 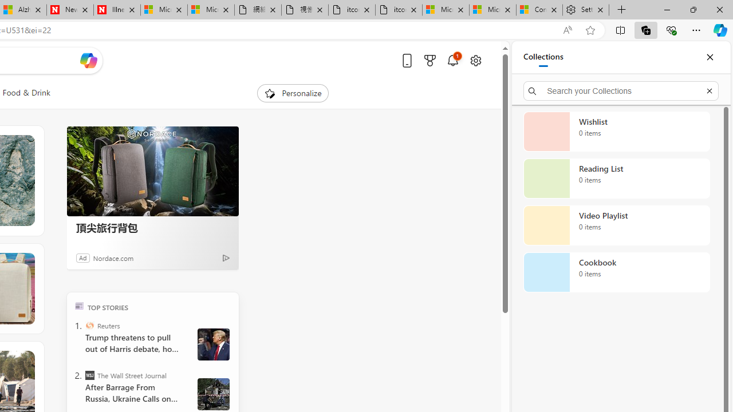 I want to click on 'Search your Collections', so click(x=620, y=90).